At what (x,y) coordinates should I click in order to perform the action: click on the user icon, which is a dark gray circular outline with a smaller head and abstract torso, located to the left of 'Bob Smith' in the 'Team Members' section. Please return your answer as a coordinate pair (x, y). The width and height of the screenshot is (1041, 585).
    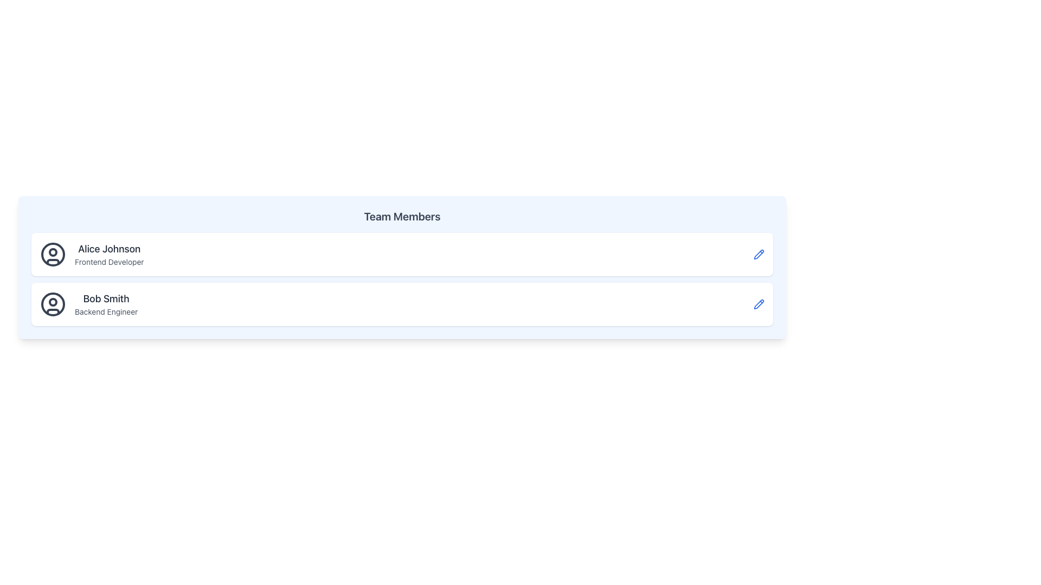
    Looking at the image, I should click on (52, 304).